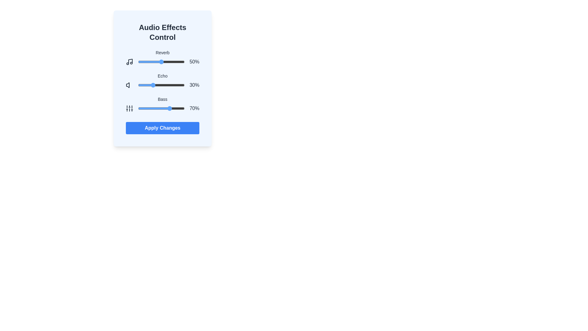  What do you see at coordinates (162, 108) in the screenshot?
I see `bass` at bounding box center [162, 108].